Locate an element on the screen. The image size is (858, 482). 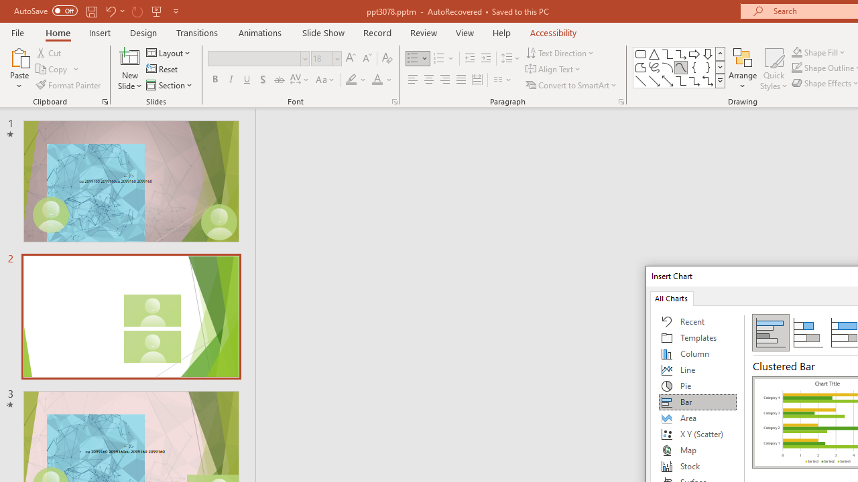
'Convert to SmartArt' is located at coordinates (572, 85).